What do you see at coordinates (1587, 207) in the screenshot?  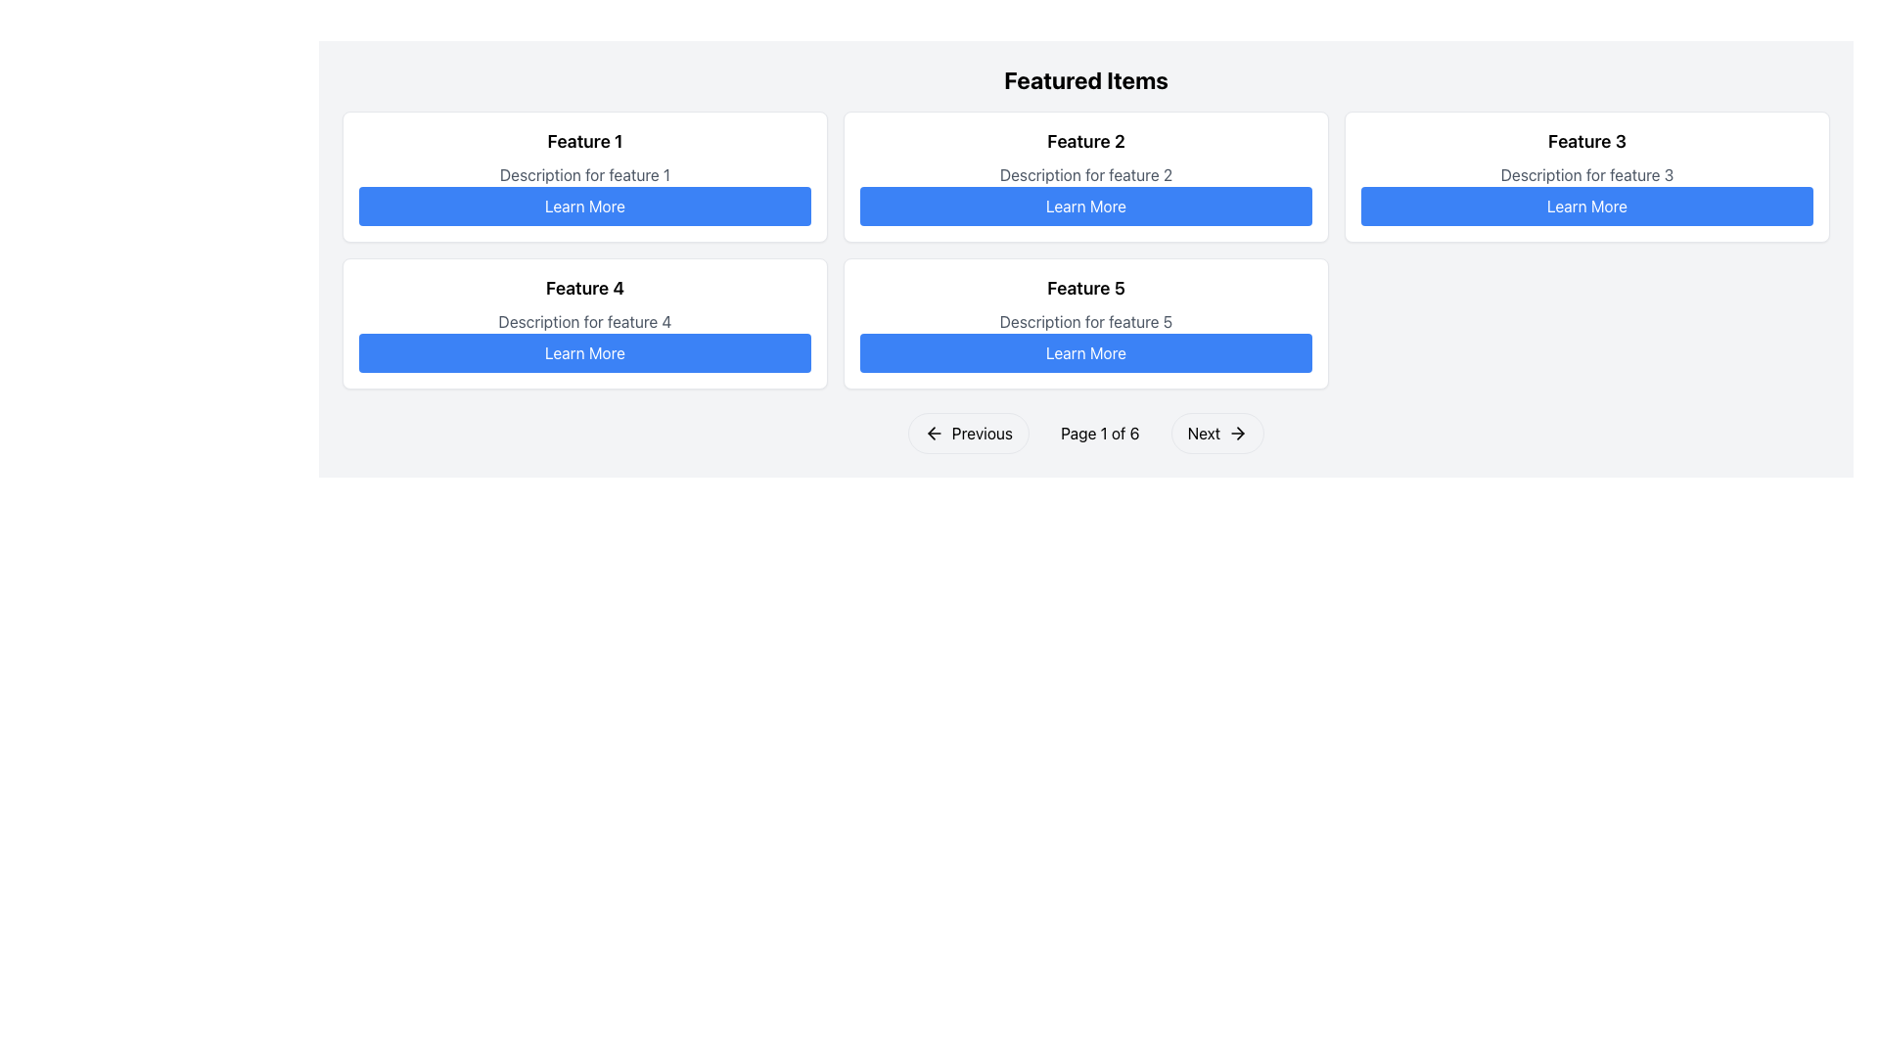 I see `the 'Learn More' button with a blue background and white text, located at the bottom of the 'Feature 3' card in the top-right corner of the grid` at bounding box center [1587, 207].